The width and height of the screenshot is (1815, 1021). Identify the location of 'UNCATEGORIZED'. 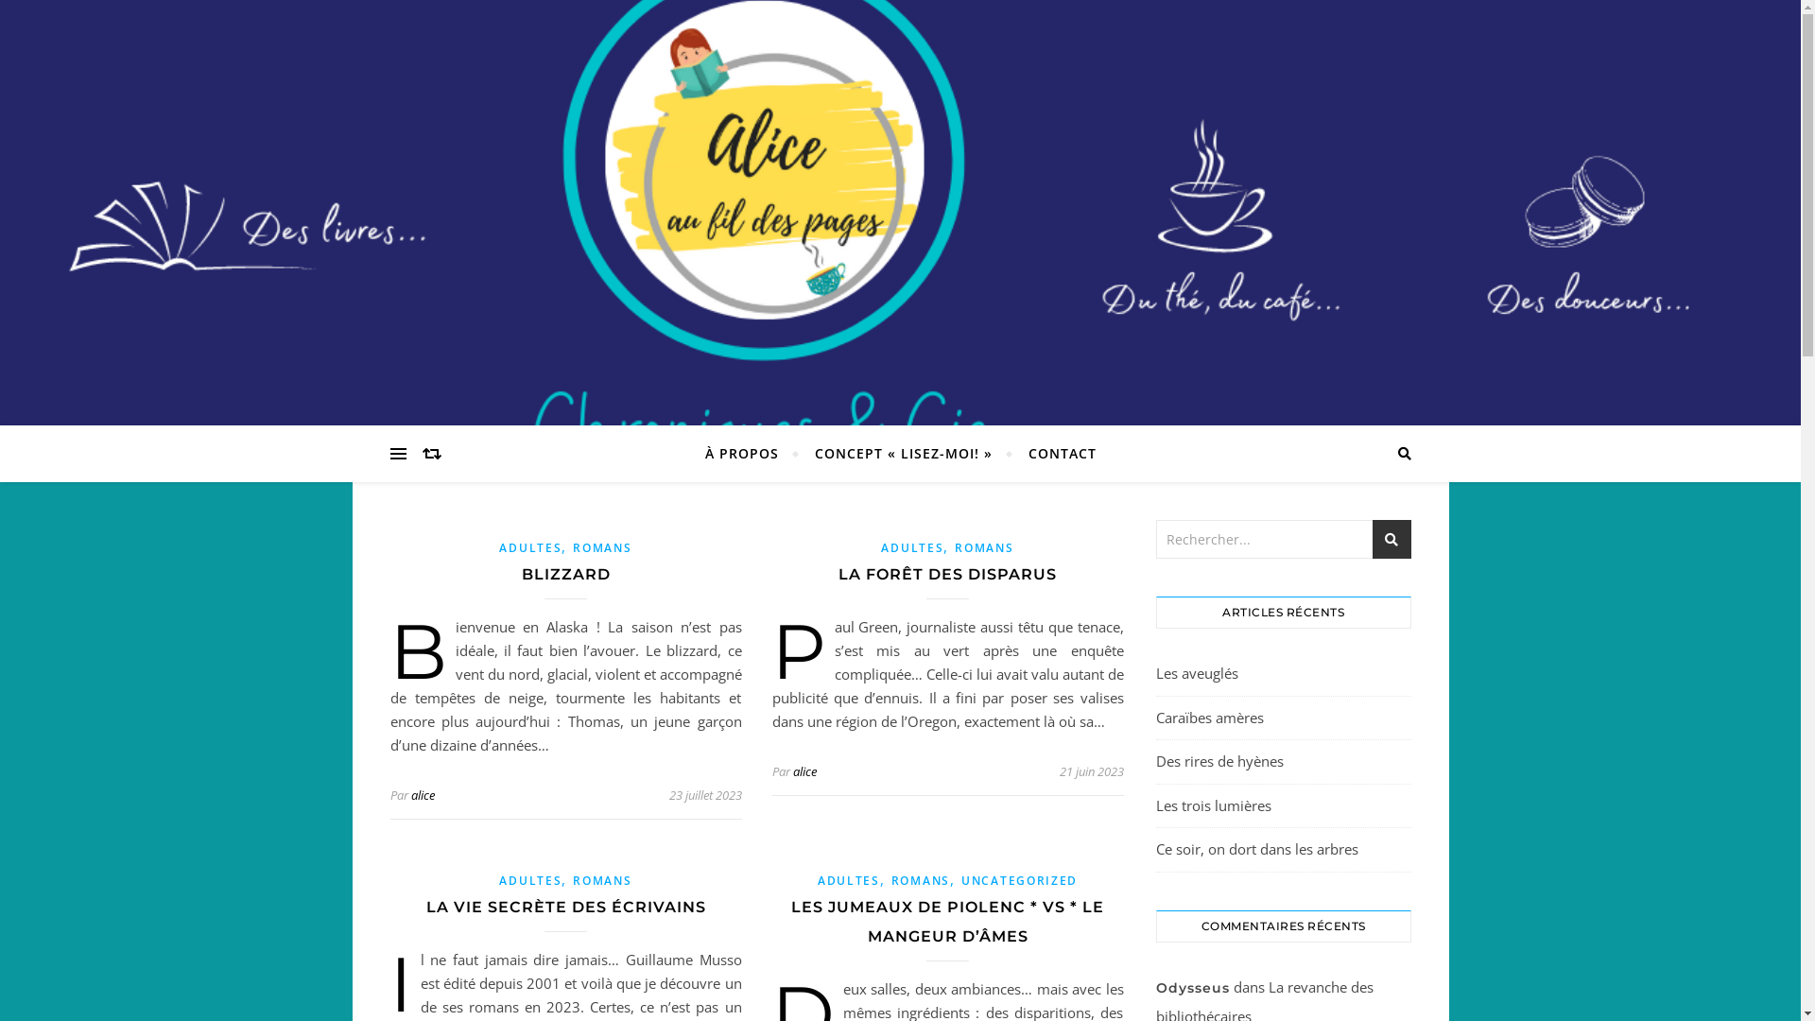
(1018, 880).